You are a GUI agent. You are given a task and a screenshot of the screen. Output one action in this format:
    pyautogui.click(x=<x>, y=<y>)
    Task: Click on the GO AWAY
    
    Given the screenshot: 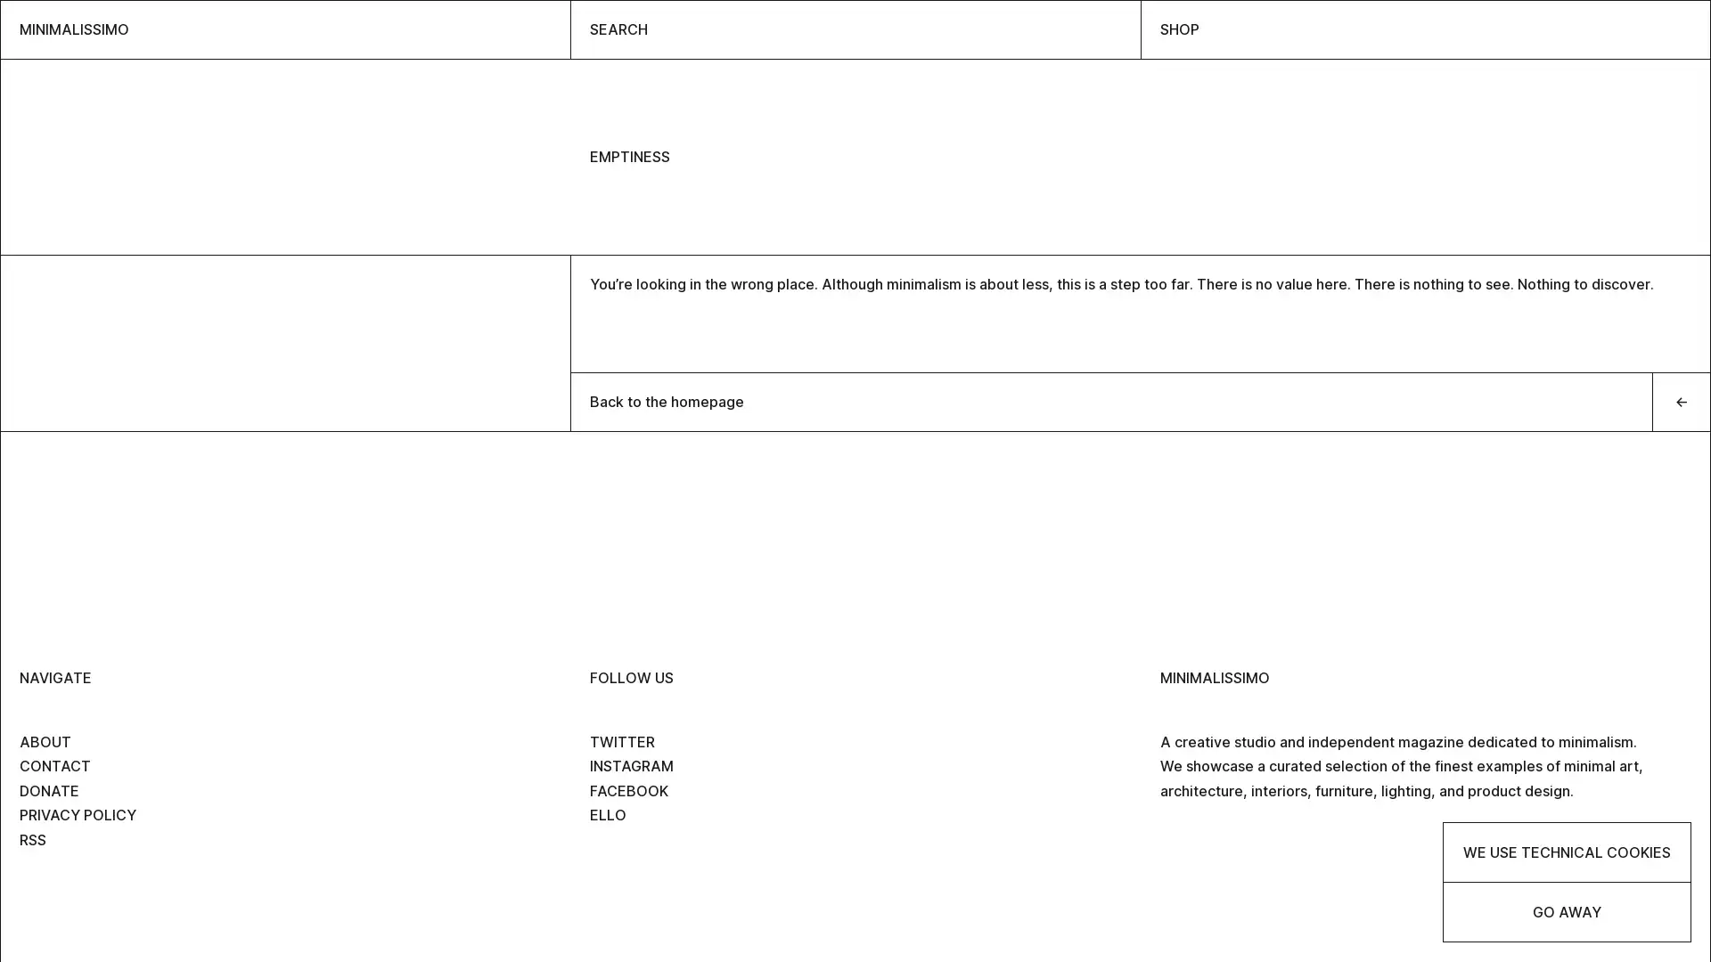 What is the action you would take?
    pyautogui.click(x=1566, y=911)
    